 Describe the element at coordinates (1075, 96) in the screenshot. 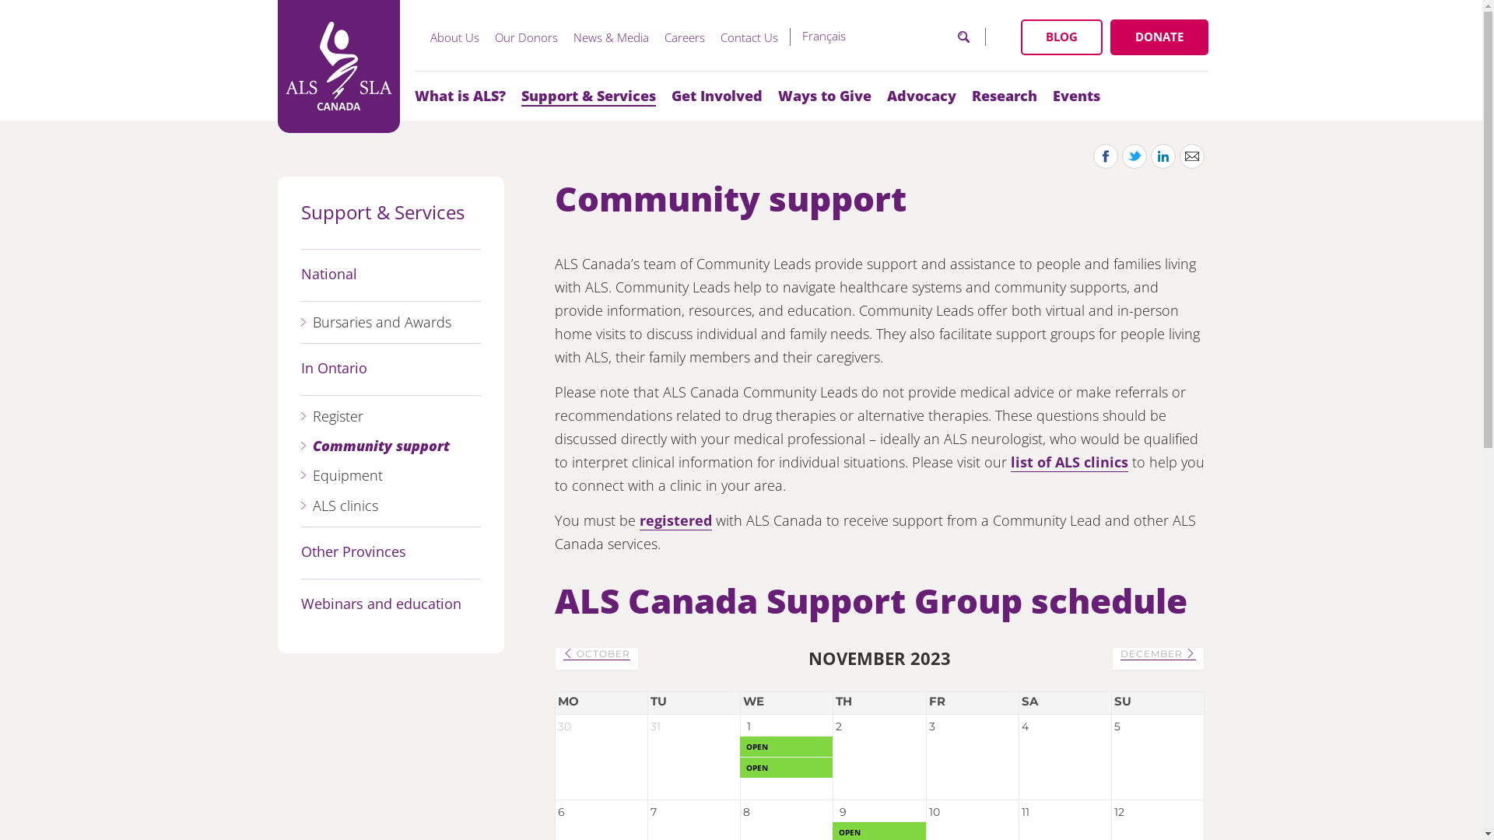

I see `'Events'` at that location.